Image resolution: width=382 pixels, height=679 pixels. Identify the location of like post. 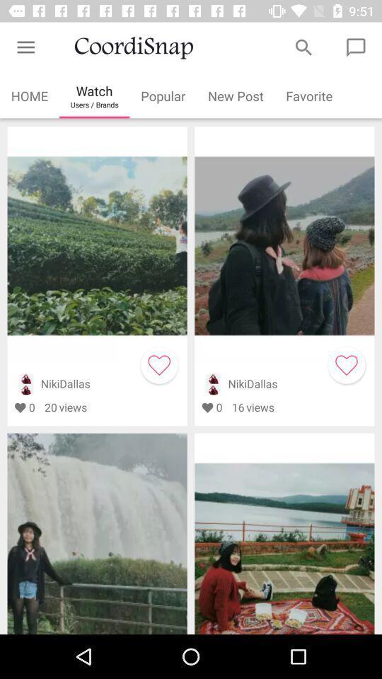
(346, 364).